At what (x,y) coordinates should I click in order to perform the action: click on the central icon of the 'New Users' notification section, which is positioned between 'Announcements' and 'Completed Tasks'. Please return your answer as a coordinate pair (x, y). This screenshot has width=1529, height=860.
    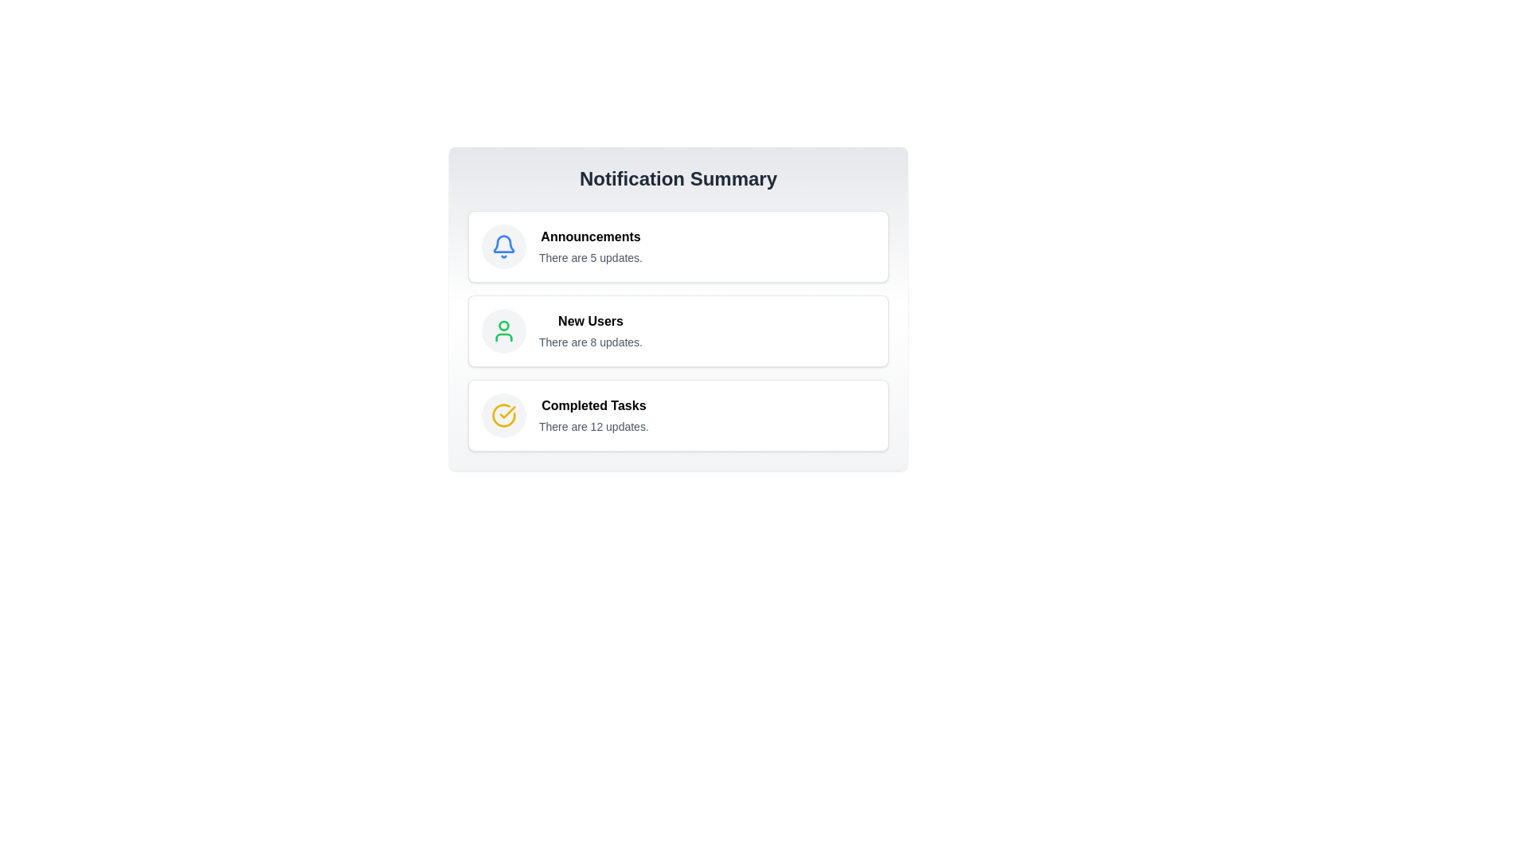
    Looking at the image, I should click on (503, 330).